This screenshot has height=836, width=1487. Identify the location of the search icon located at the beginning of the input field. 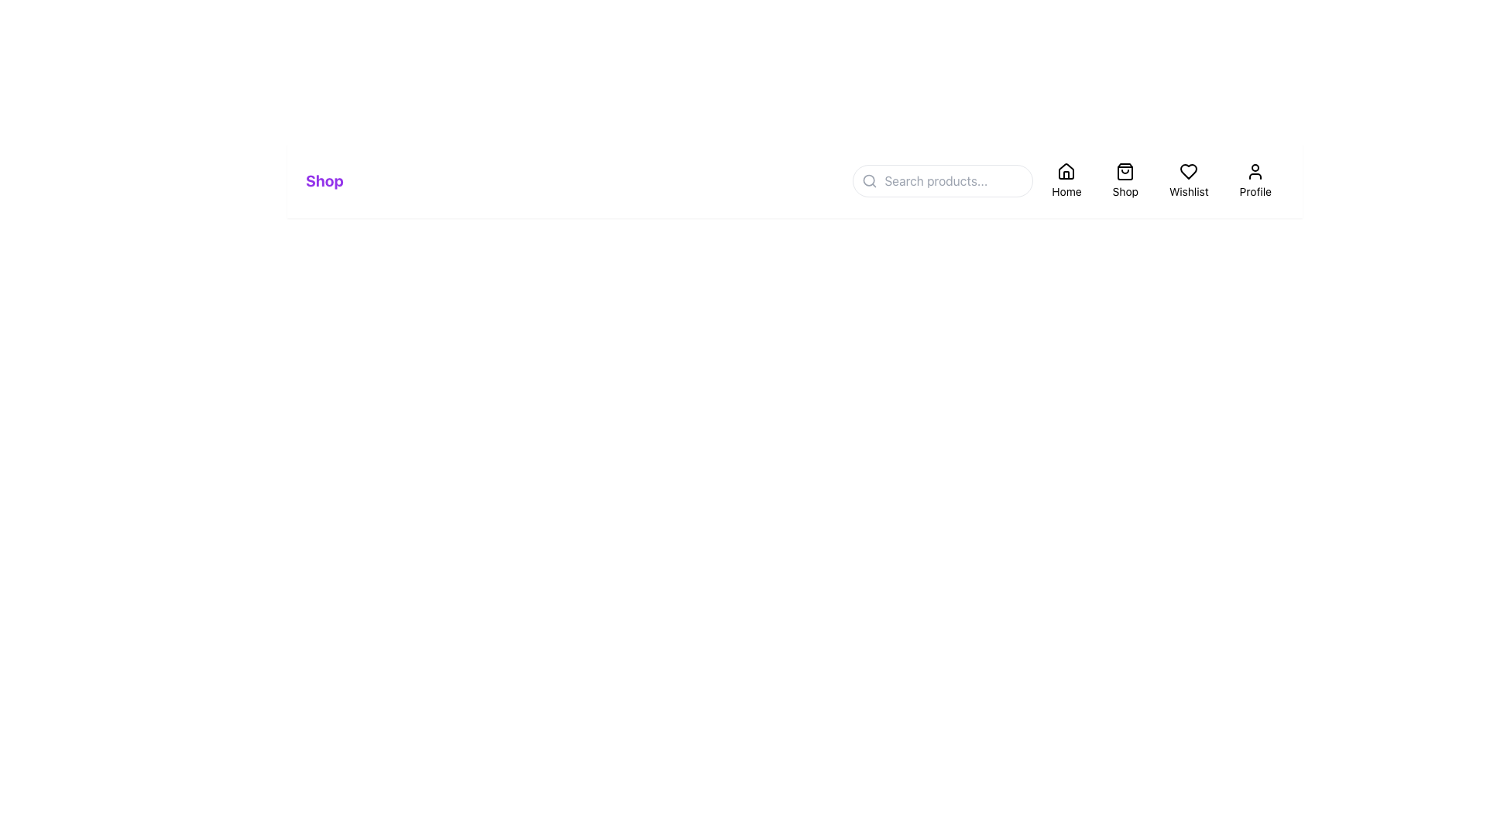
(870, 180).